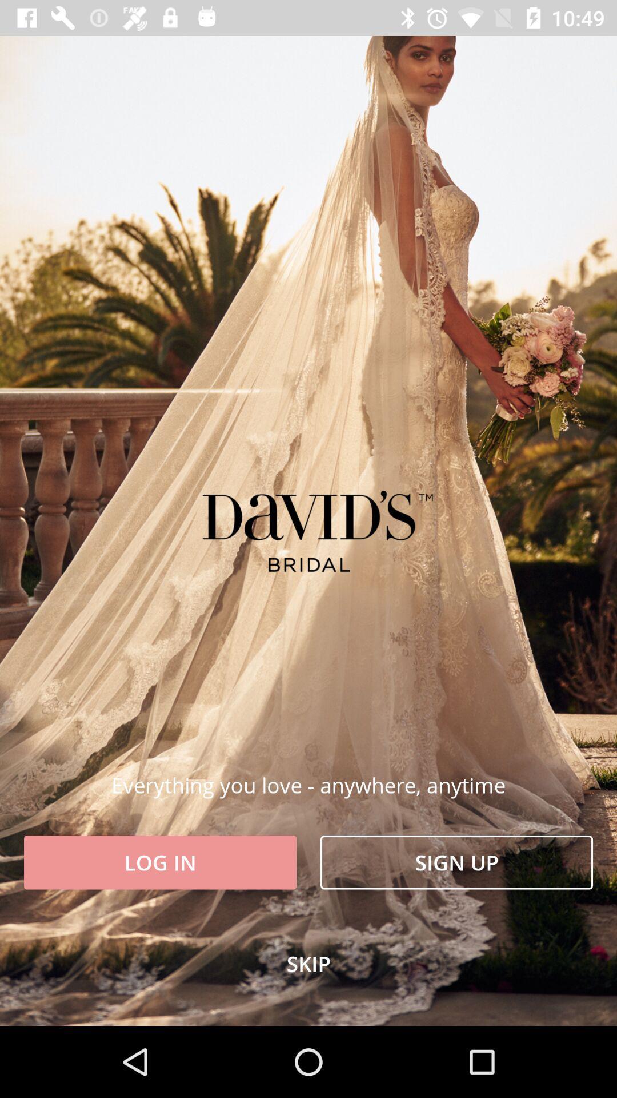 The image size is (617, 1098). I want to click on the item above skip, so click(160, 862).